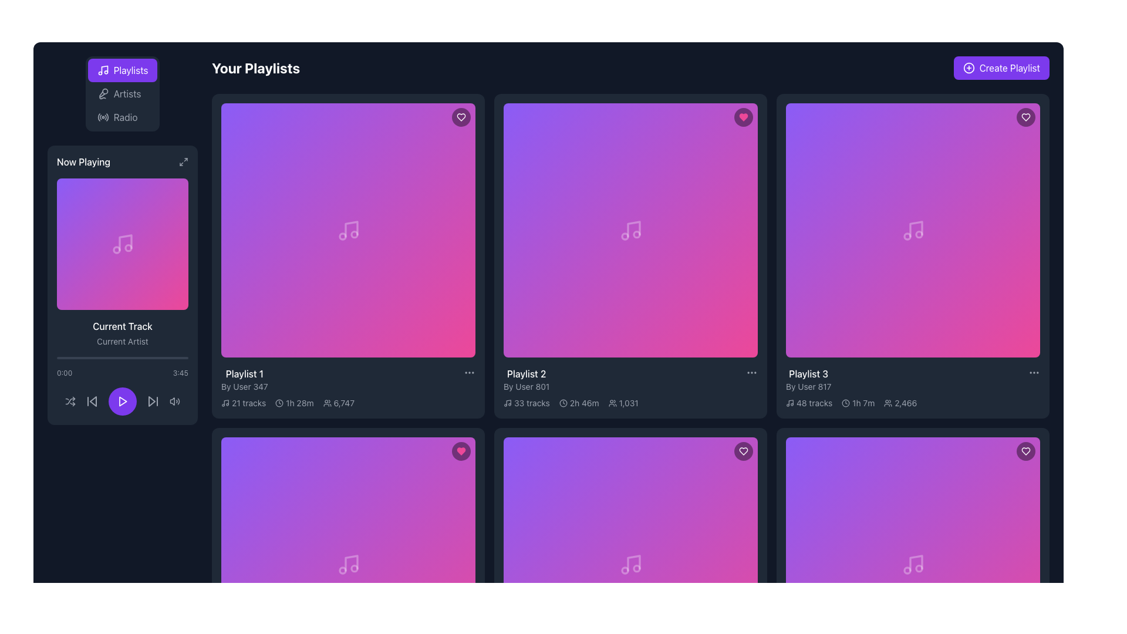 The image size is (1127, 634). I want to click on text displaying the total duration of the playlist in hours and minutes, located in the middle-right cell under 'Playlist 3', so click(858, 402).